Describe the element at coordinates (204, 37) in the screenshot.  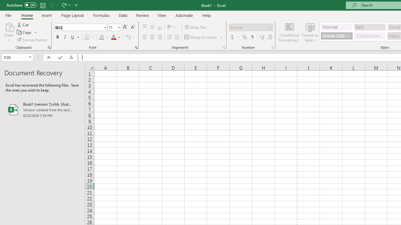
I see `'Merge & Center'` at that location.